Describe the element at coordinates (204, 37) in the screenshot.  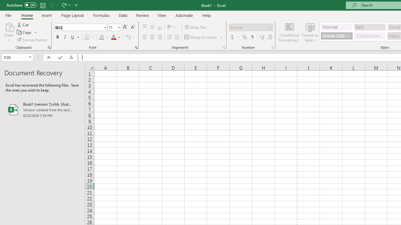
I see `'Merge & Center'` at that location.